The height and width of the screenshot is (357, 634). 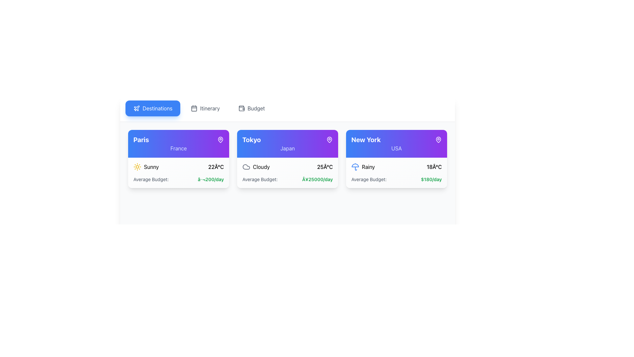 I want to click on the text label displaying 'Average Budget:' which is located within the Tokyo card, near the bottom and slightly to the left of the budget amount text, so click(x=260, y=179).